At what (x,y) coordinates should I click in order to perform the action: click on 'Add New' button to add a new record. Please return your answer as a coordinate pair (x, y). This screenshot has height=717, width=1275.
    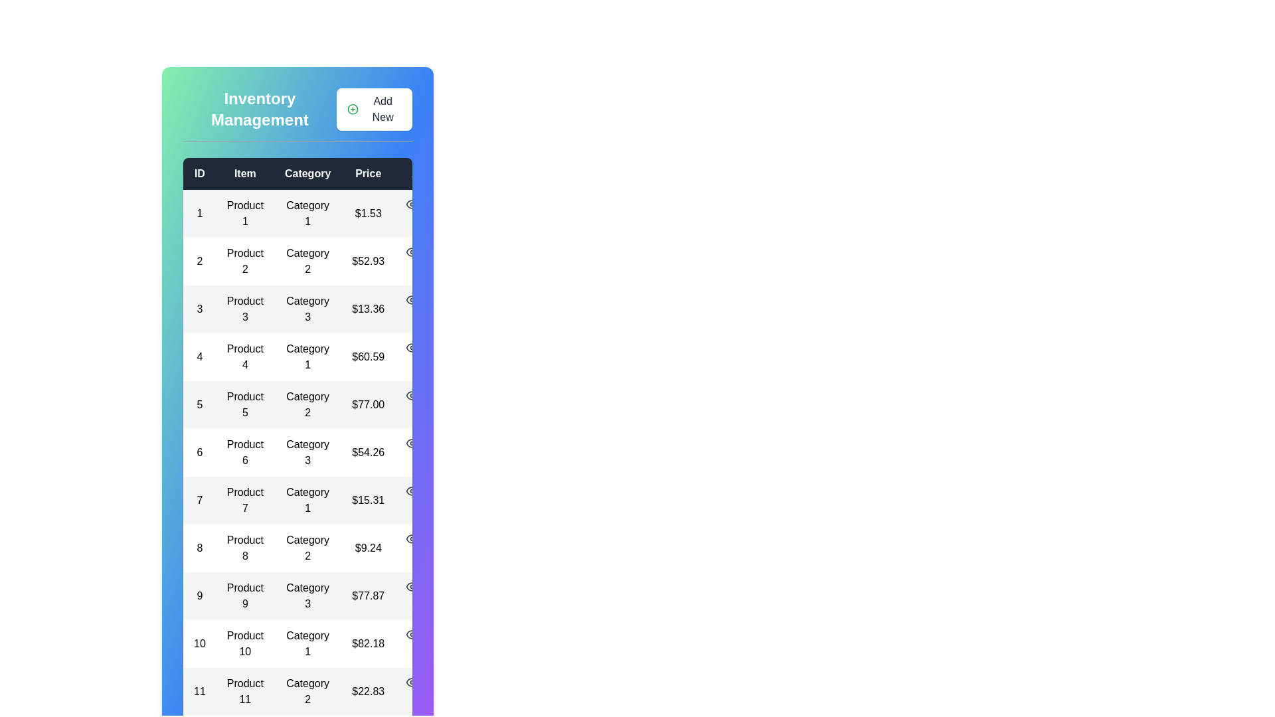
    Looking at the image, I should click on (373, 109).